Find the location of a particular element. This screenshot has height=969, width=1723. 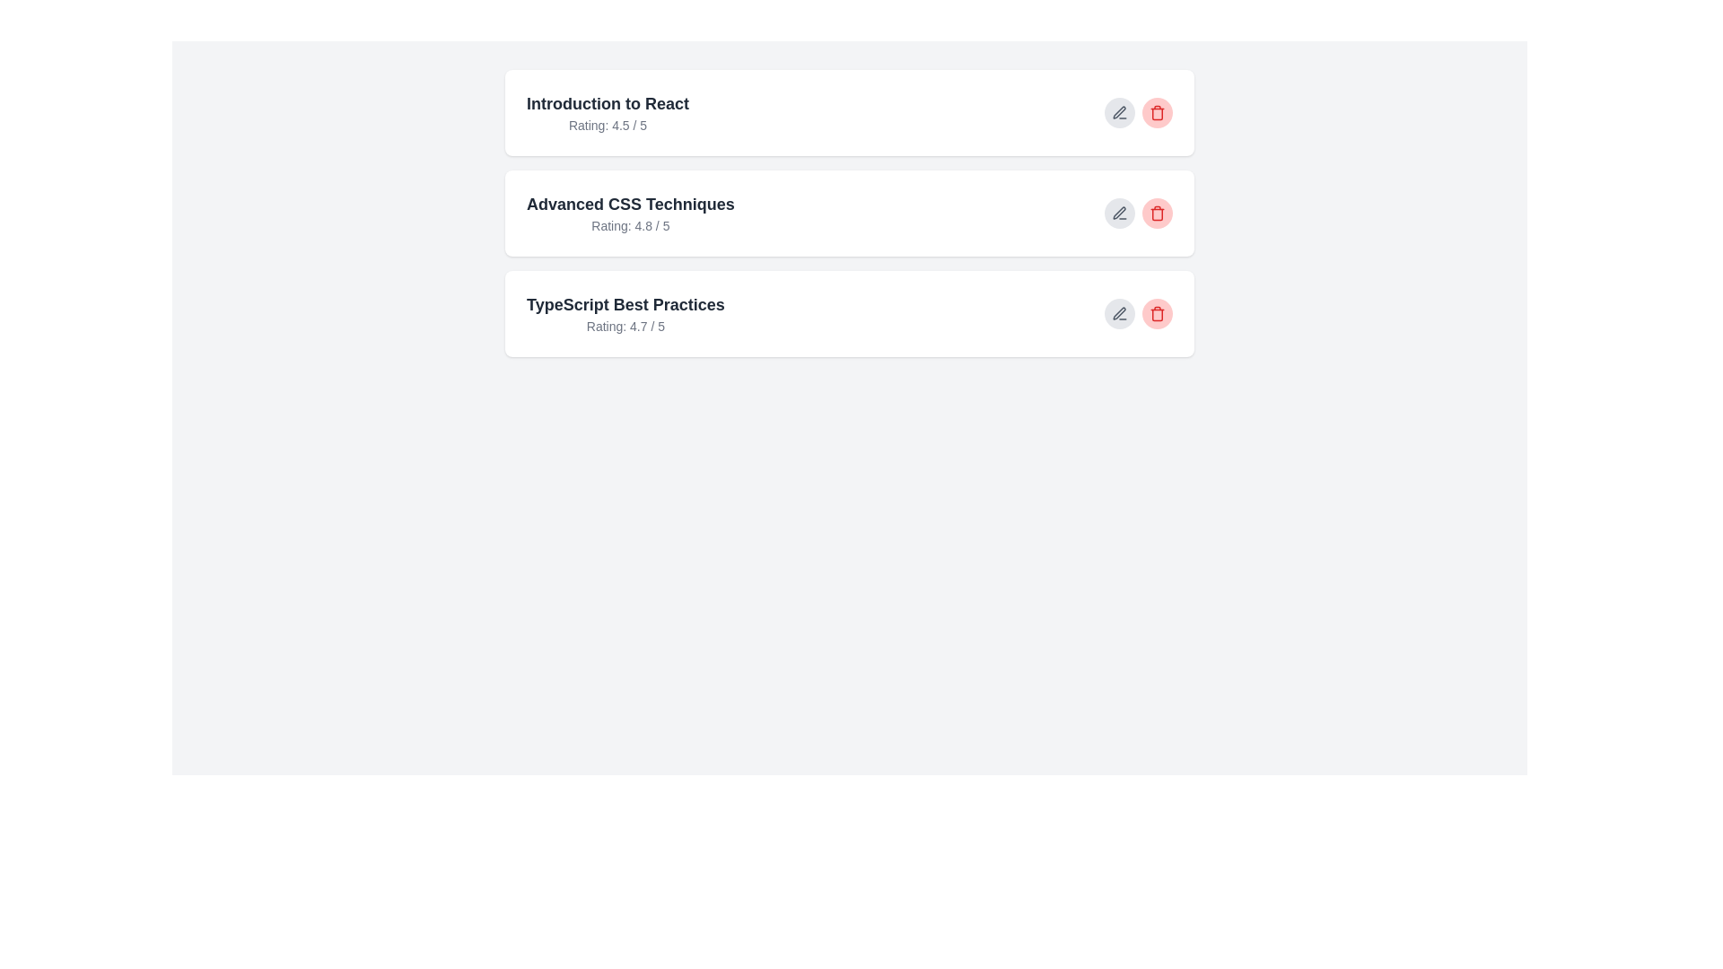

the gray pen icon button located to the right of 'TypeScript Best Practices' to initiate editing is located at coordinates (1119, 313).